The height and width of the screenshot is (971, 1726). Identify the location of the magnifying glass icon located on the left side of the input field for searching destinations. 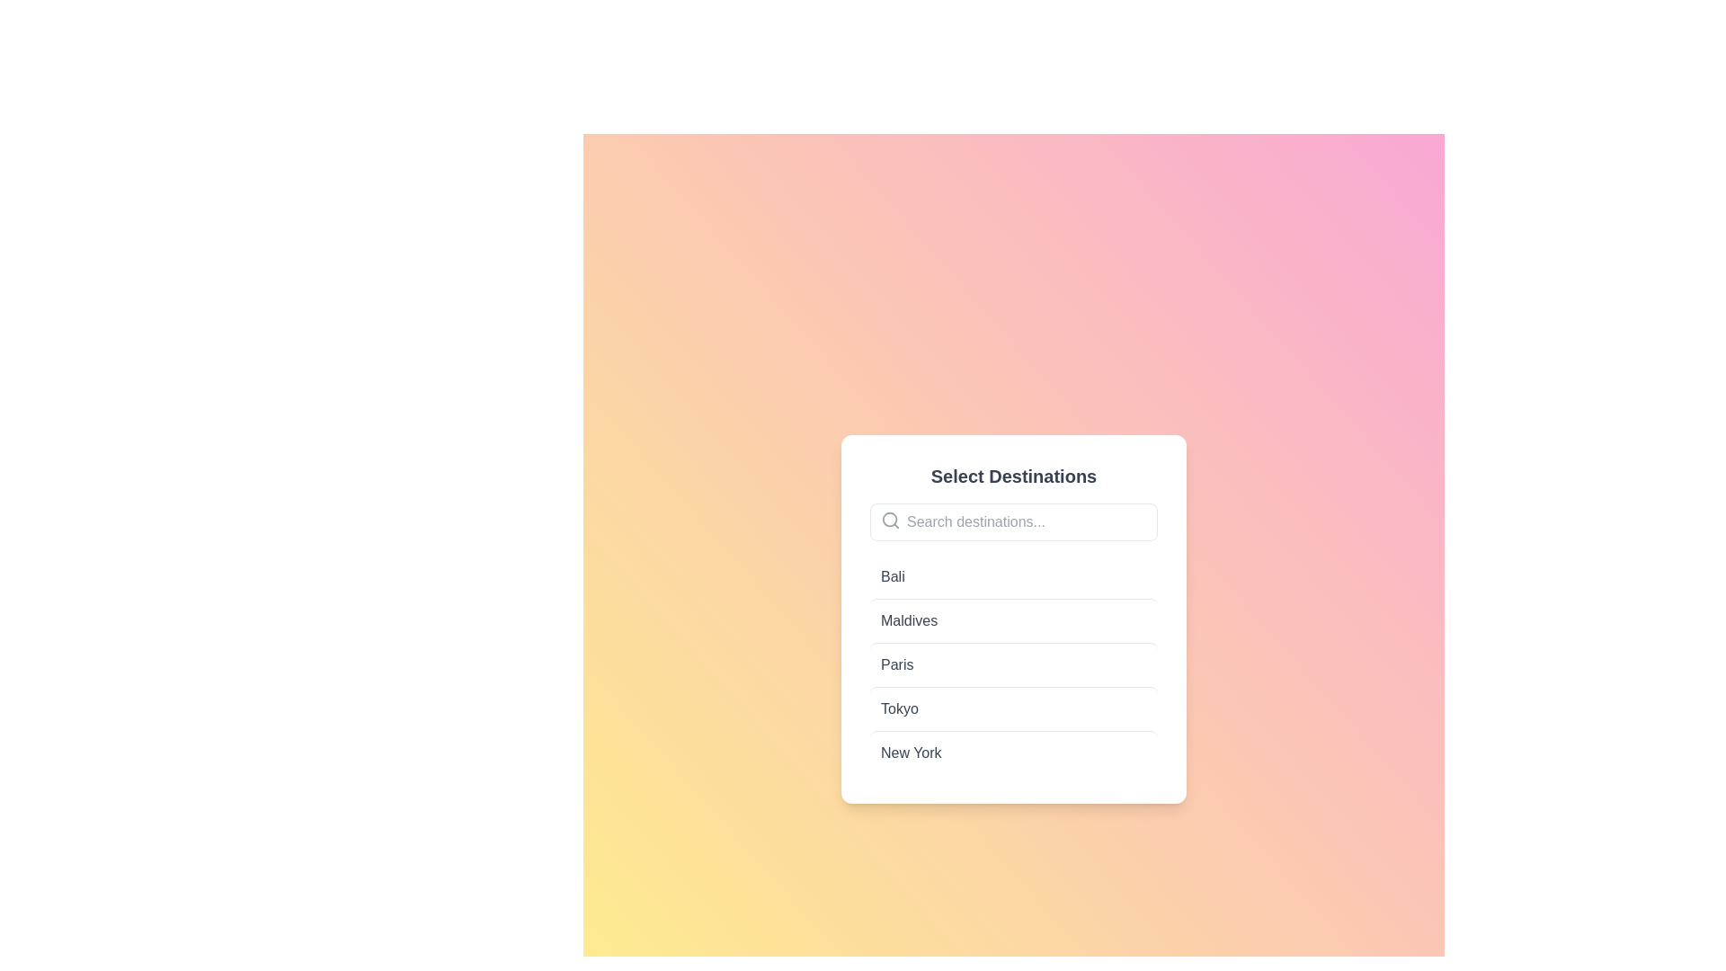
(890, 520).